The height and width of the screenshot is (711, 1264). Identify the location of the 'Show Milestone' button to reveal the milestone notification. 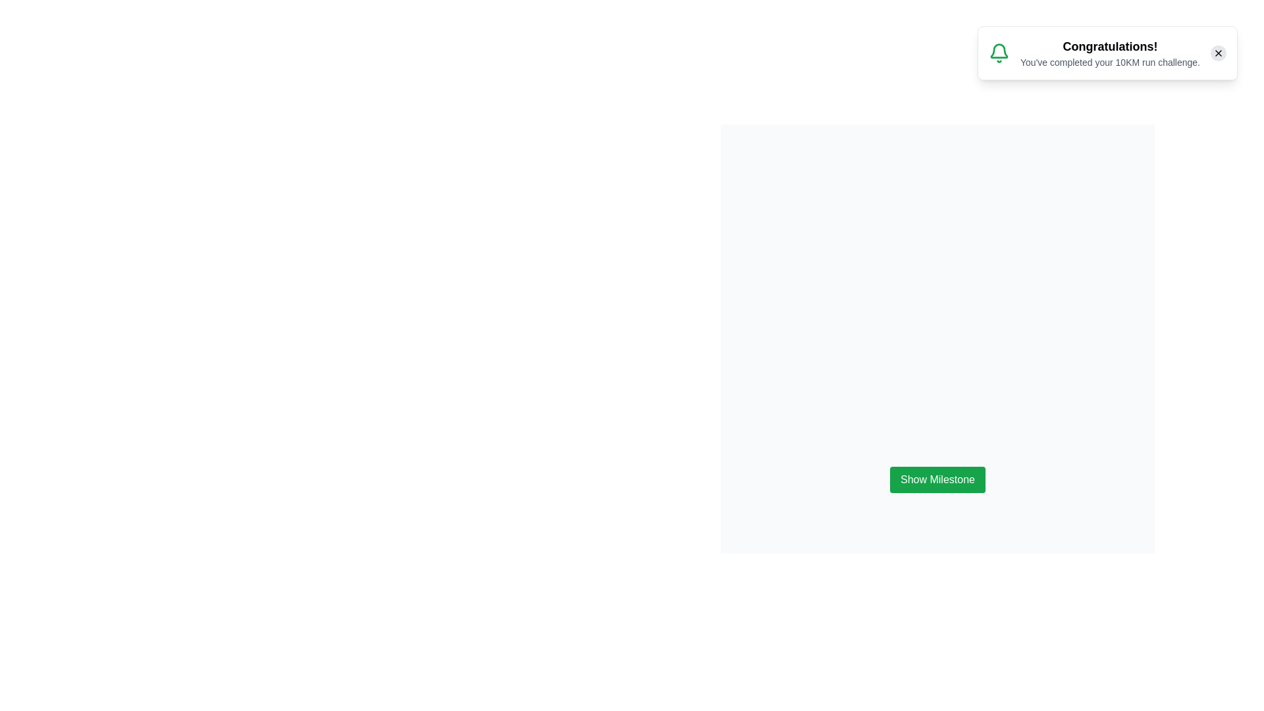
(937, 480).